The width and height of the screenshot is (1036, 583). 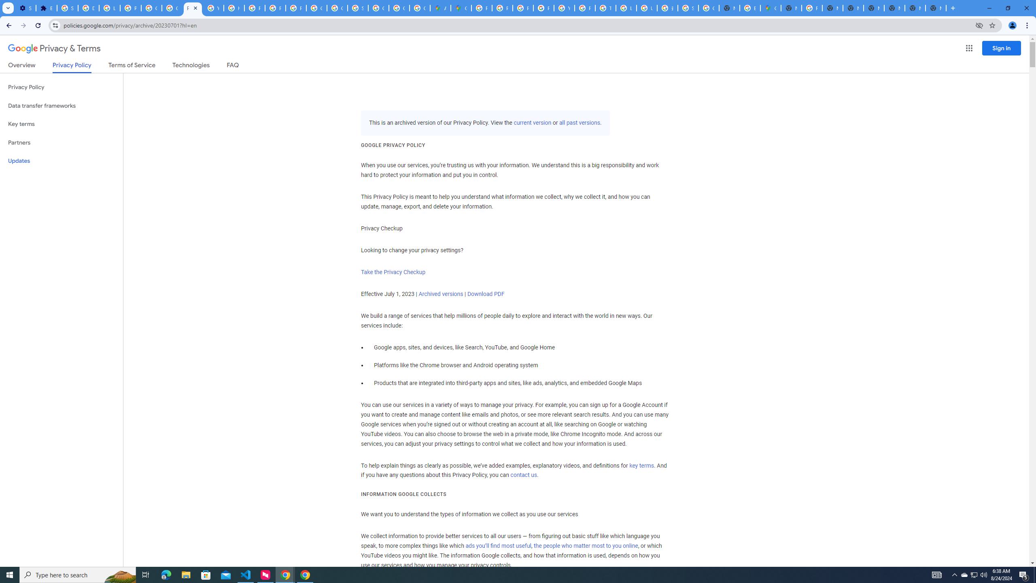 I want to click on 'YouTube', so click(x=564, y=8).